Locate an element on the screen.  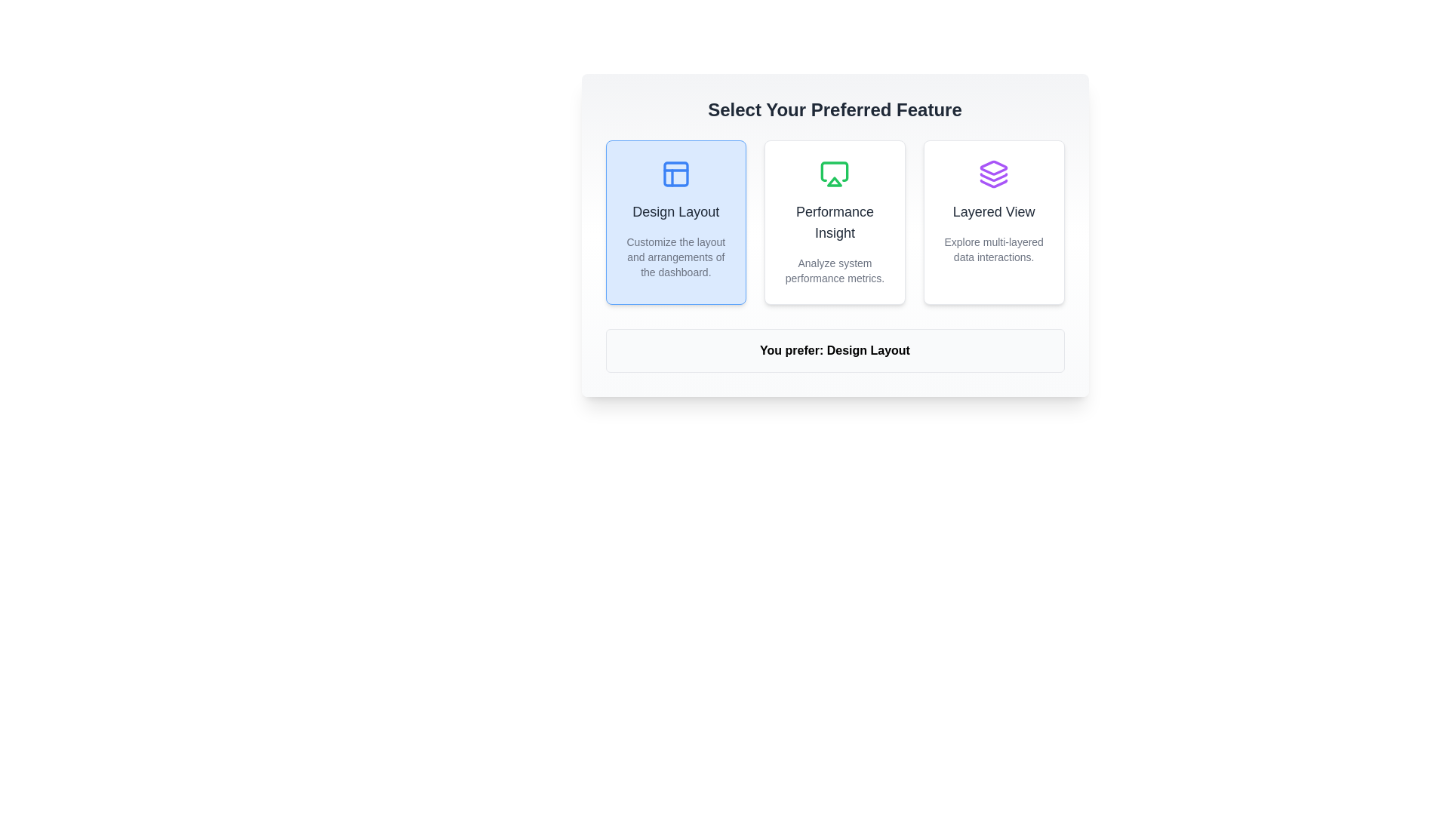
the Feature Card with the title 'Performance Insight' that has a green icon at the top and a white background is located at coordinates (834, 222).